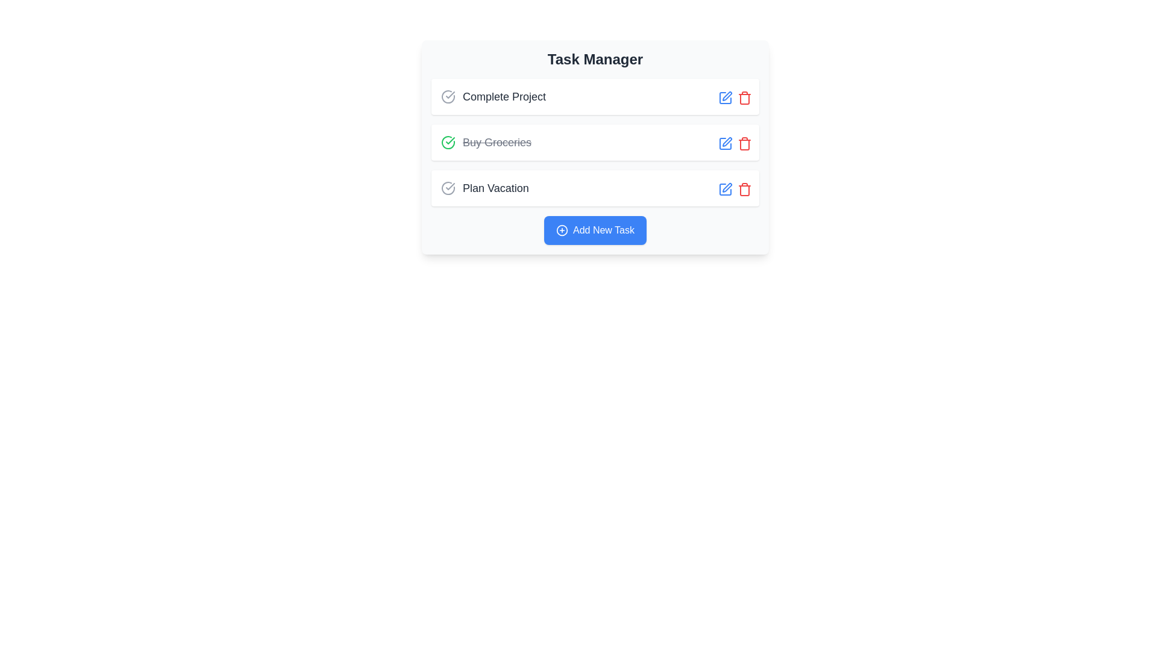 The image size is (1157, 650). What do you see at coordinates (742, 141) in the screenshot?
I see `the delete button icon located at the far-right side of the 'Buy Groceries' task item` at bounding box center [742, 141].